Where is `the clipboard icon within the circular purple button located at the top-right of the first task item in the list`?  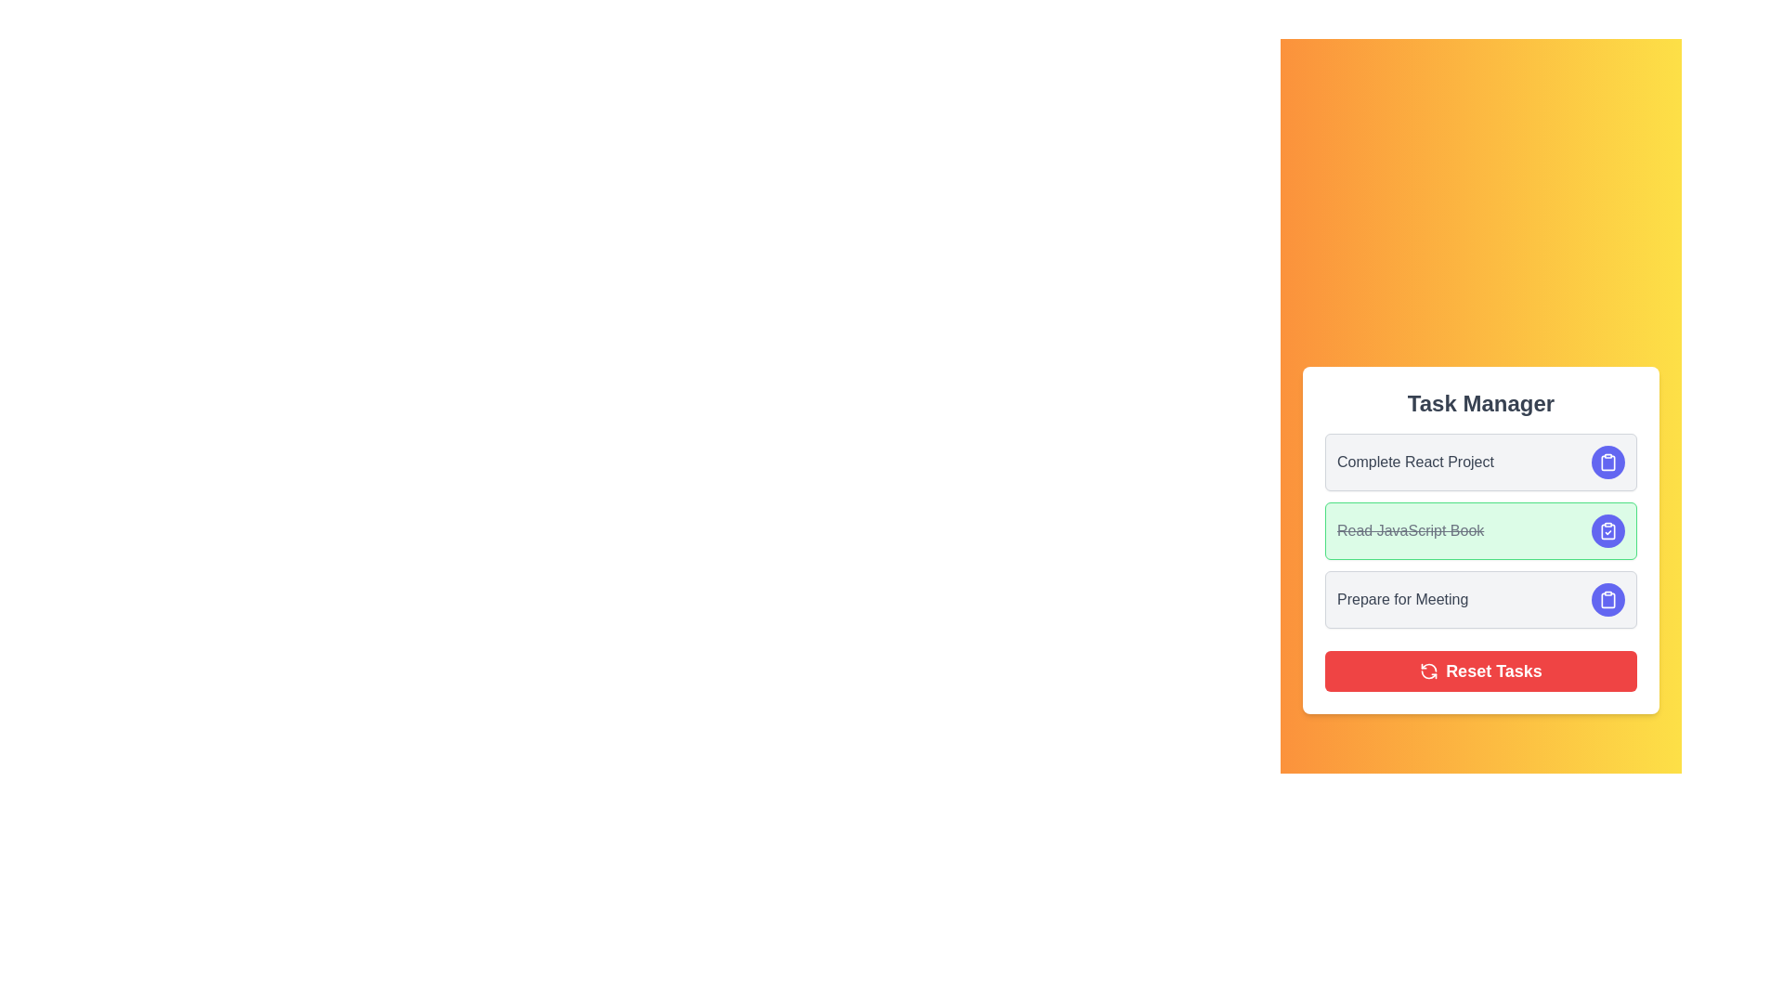 the clipboard icon within the circular purple button located at the top-right of the first task item in the list is located at coordinates (1607, 461).